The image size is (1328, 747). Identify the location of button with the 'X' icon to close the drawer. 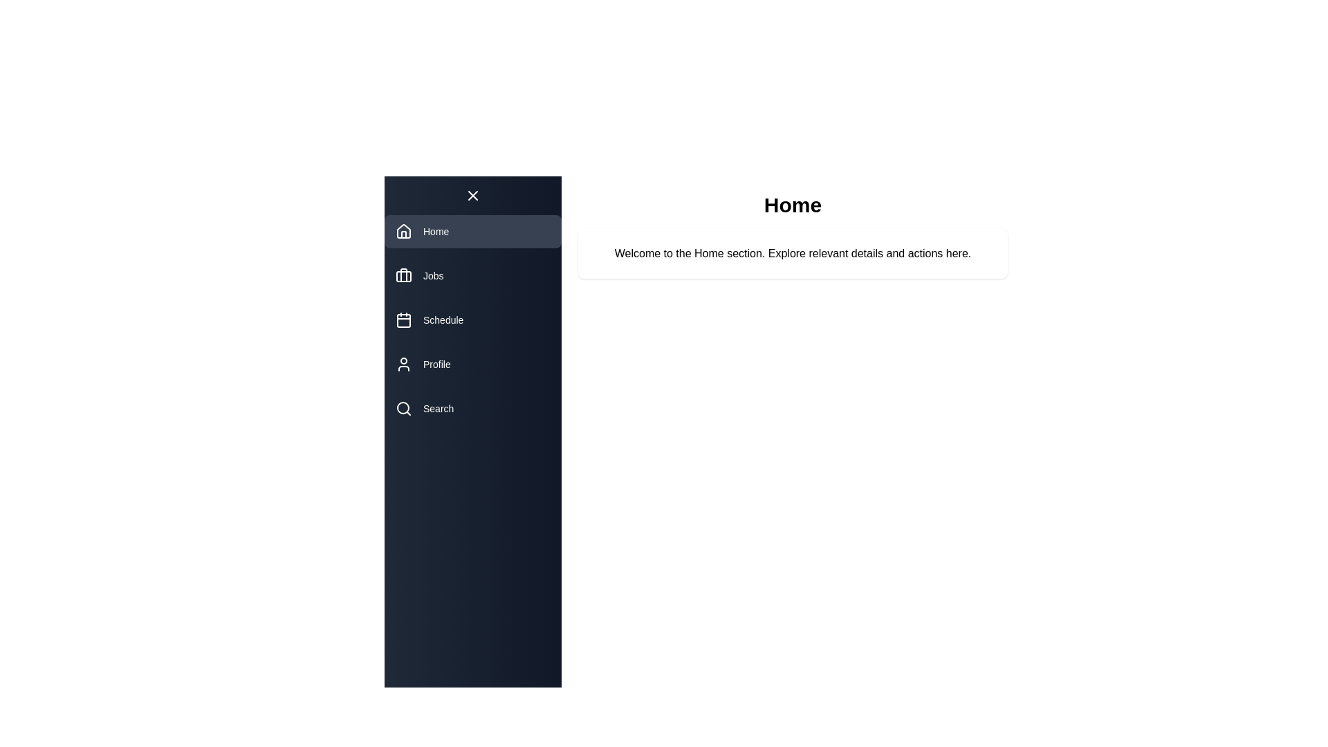
(473, 195).